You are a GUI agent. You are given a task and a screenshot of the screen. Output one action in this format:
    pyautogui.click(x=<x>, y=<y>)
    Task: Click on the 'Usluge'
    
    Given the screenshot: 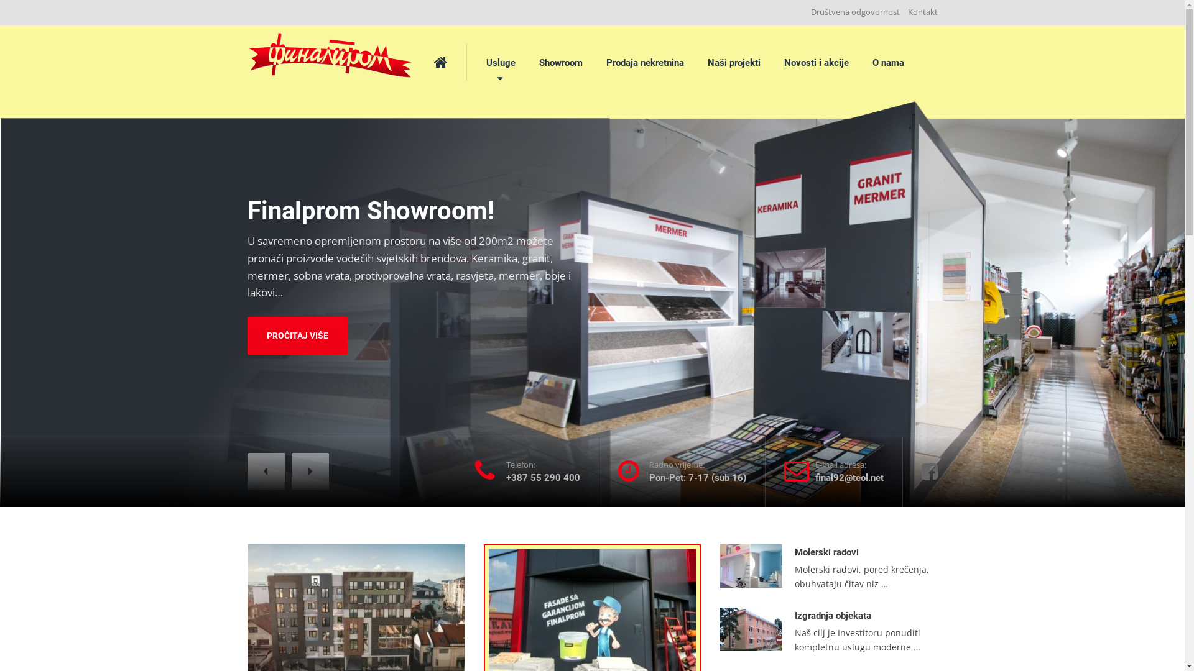 What is the action you would take?
    pyautogui.click(x=473, y=62)
    